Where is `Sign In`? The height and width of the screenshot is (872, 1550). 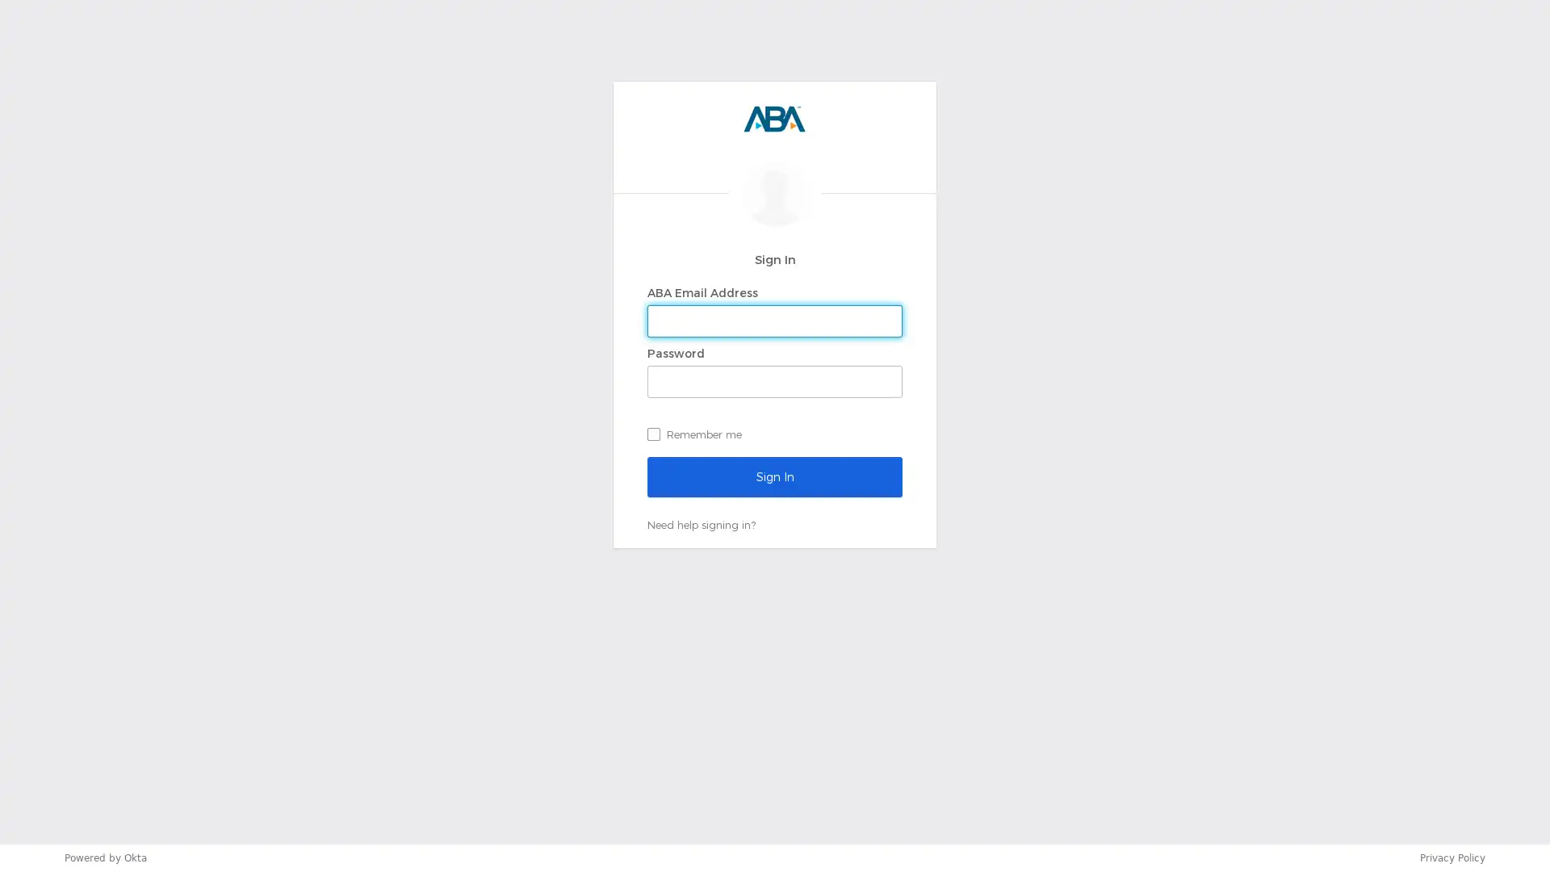
Sign In is located at coordinates (775, 476).